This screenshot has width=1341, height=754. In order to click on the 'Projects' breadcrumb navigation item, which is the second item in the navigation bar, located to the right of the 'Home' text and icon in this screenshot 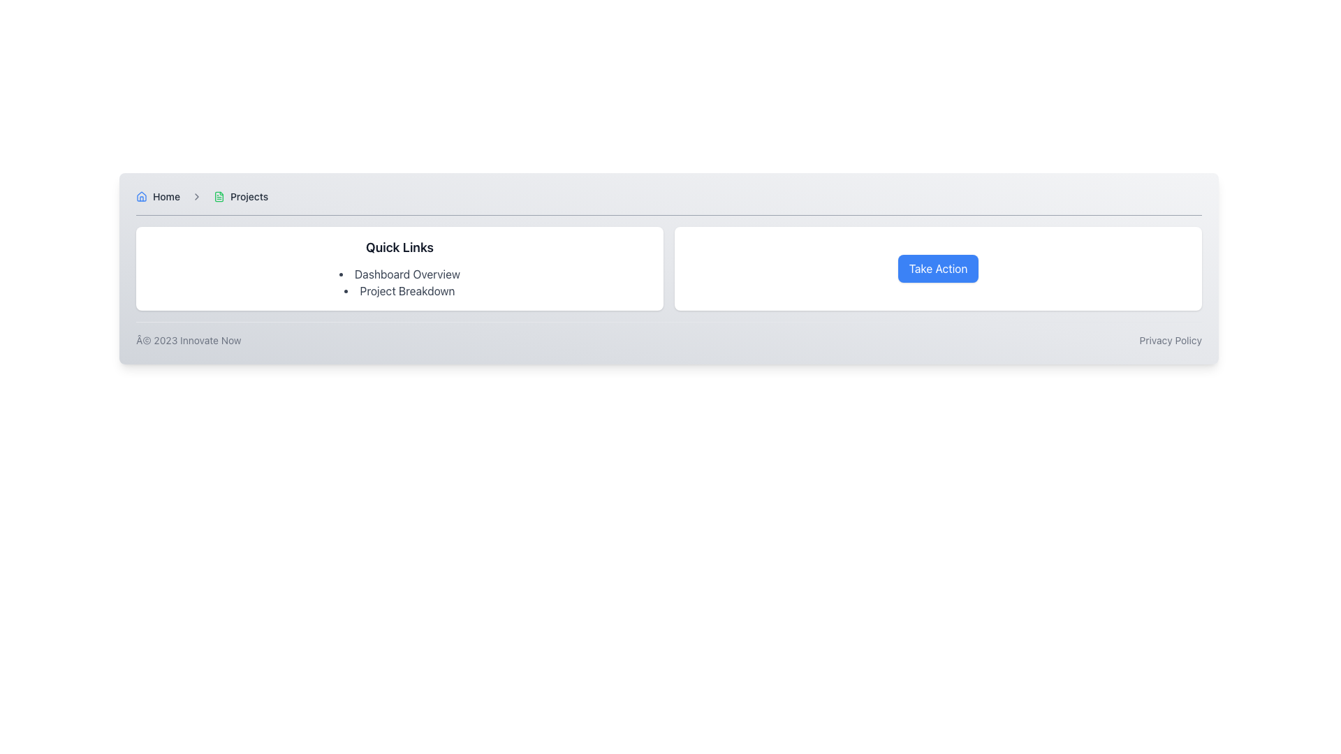, I will do `click(241, 196)`.